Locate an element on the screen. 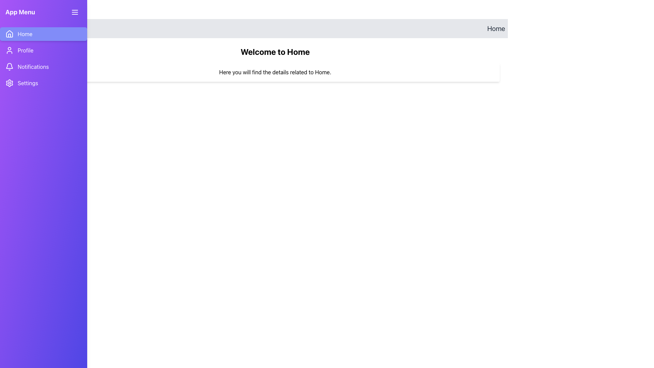 Image resolution: width=654 pixels, height=368 pixels. the interactive button with an icon located in the top-right corner of the sidebar header, right of the 'App Menu' text is located at coordinates (75, 12).